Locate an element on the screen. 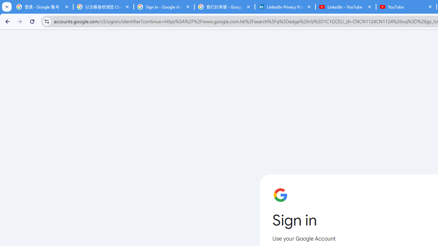 The width and height of the screenshot is (438, 246). 'LinkedIn - YouTube' is located at coordinates (346, 7).